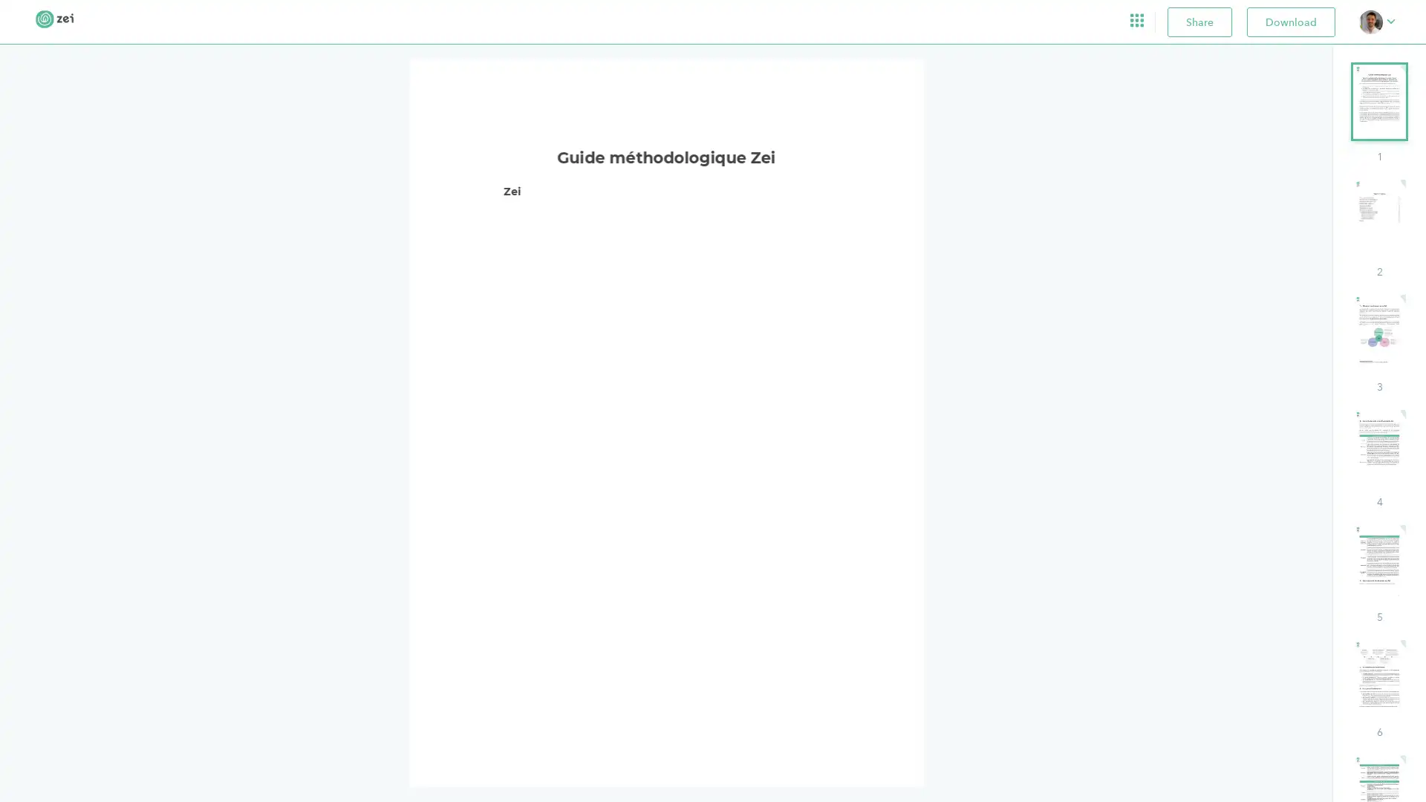 The width and height of the screenshot is (1426, 802). Describe the element at coordinates (1376, 22) in the screenshot. I see `Book a meeting or send an email to valentin.bouteiller@zei-world.com` at that location.